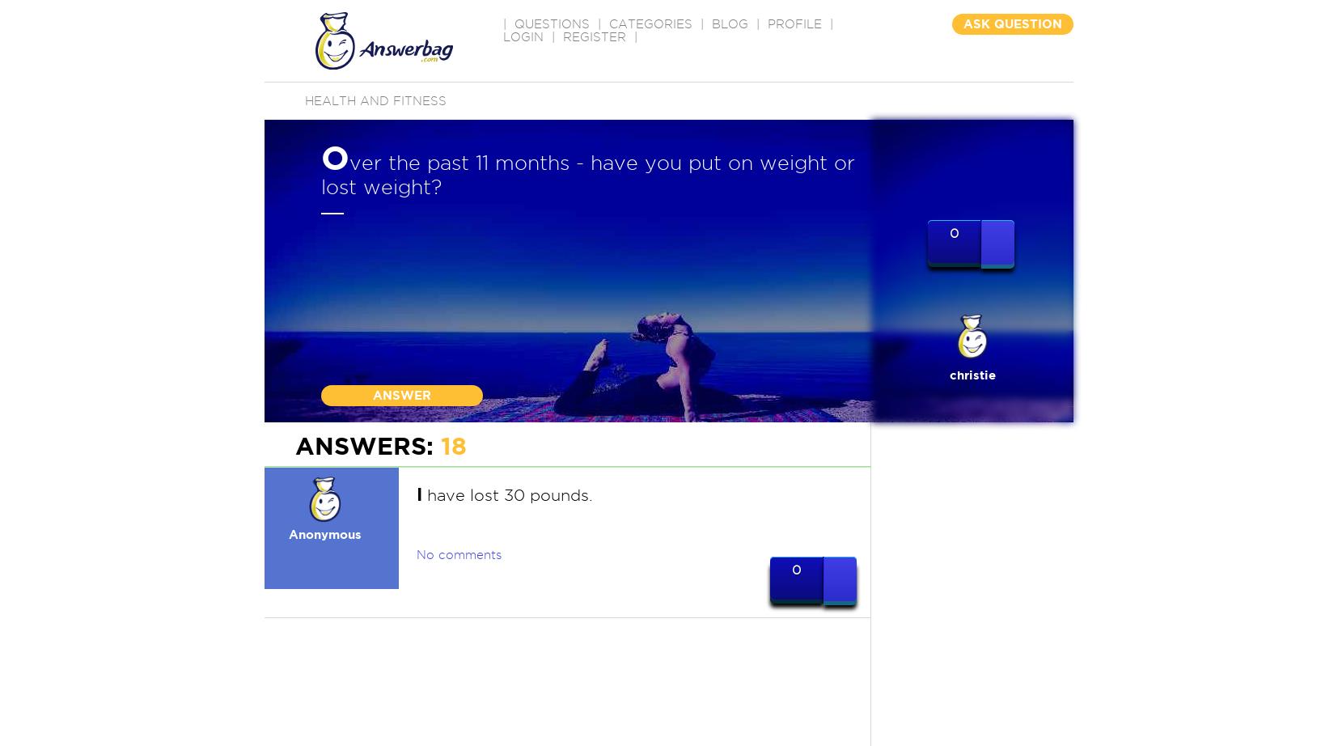 This screenshot has height=746, width=1338. What do you see at coordinates (650, 23) in the screenshot?
I see `'CATEGORIES'` at bounding box center [650, 23].